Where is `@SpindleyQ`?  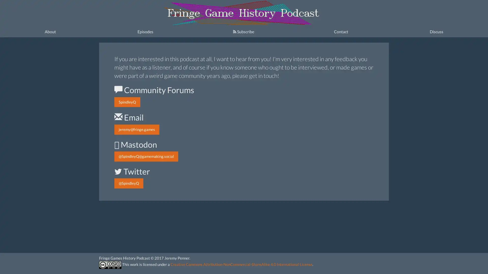 @SpindleyQ is located at coordinates (129, 183).